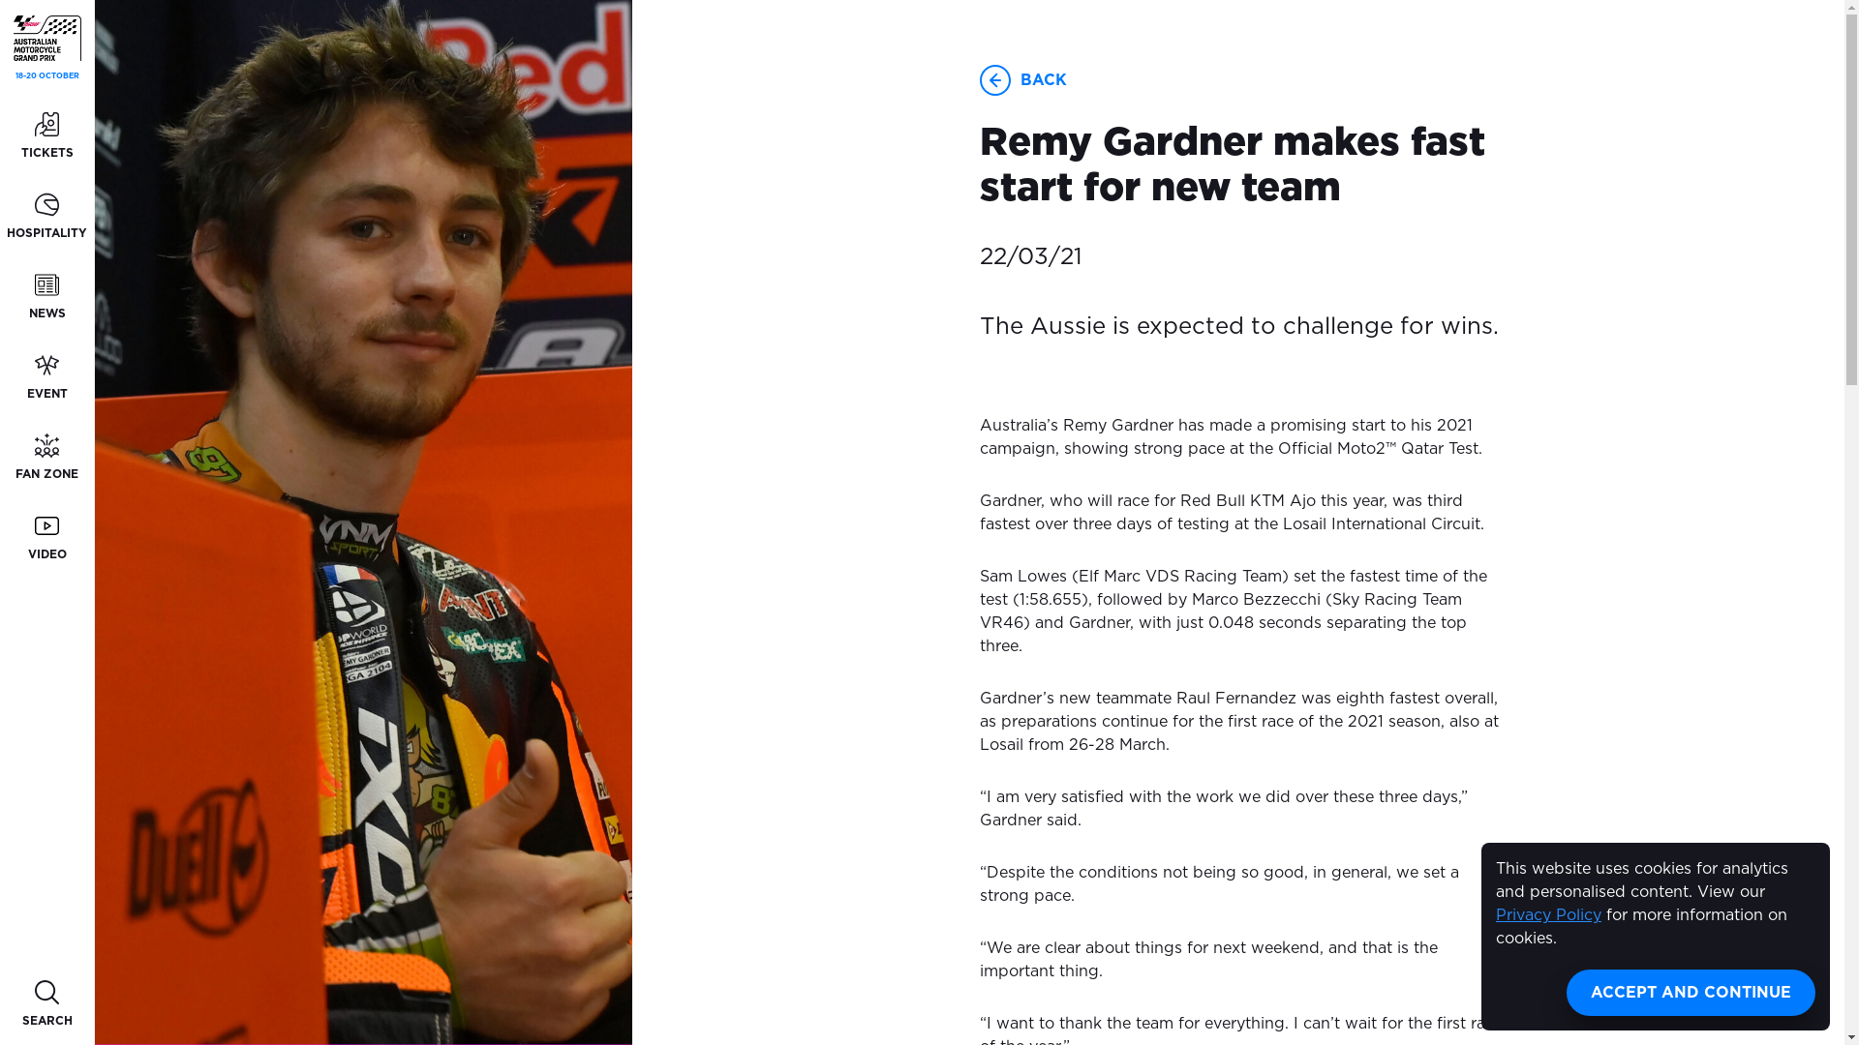 The height and width of the screenshot is (1045, 1859). What do you see at coordinates (46, 47) in the screenshot?
I see `'18-20 OCTOBER'` at bounding box center [46, 47].